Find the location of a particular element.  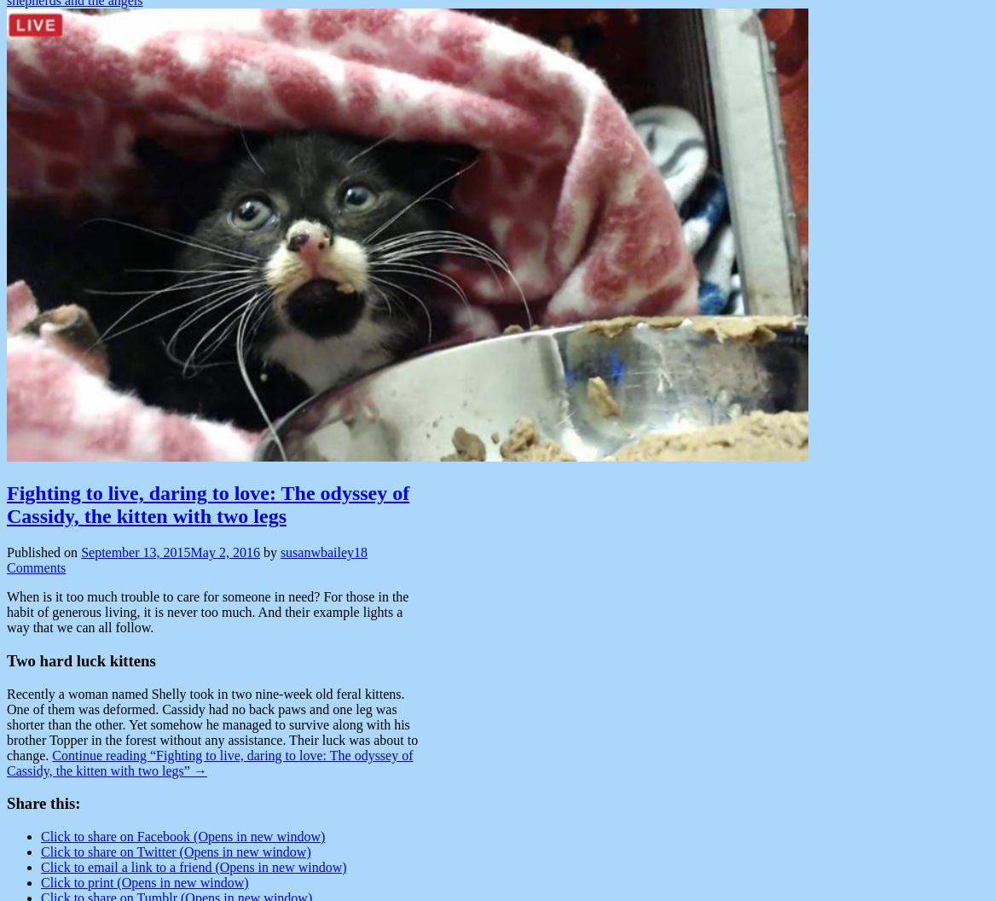

'Click to print (Opens in new window)' is located at coordinates (144, 881).